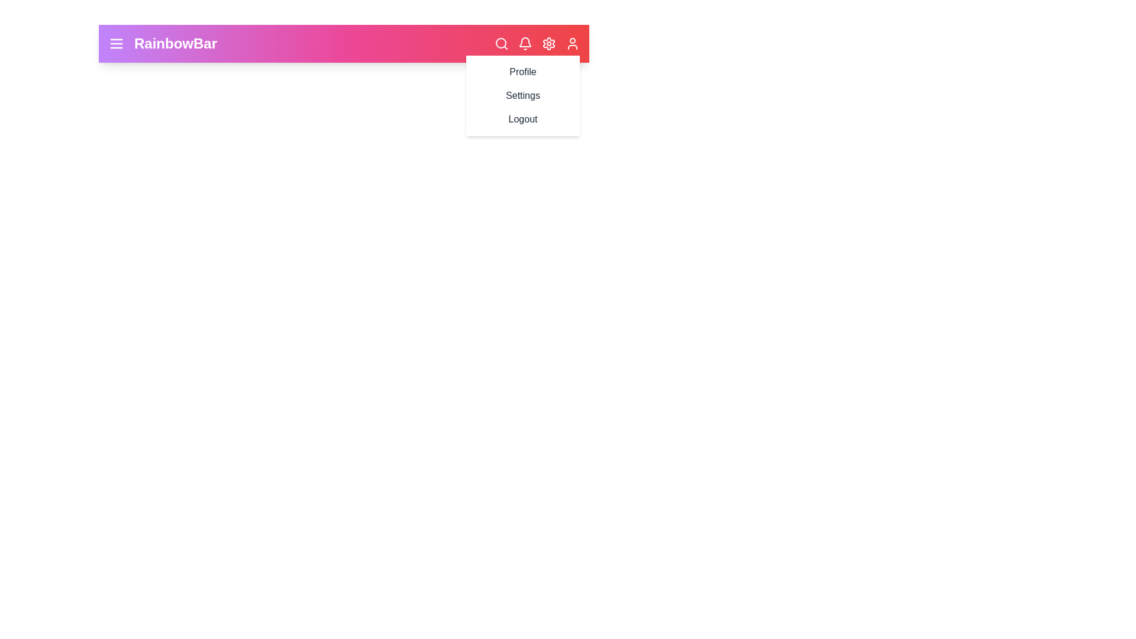 This screenshot has width=1136, height=639. I want to click on the 'Settings' option in the user menu, so click(522, 95).